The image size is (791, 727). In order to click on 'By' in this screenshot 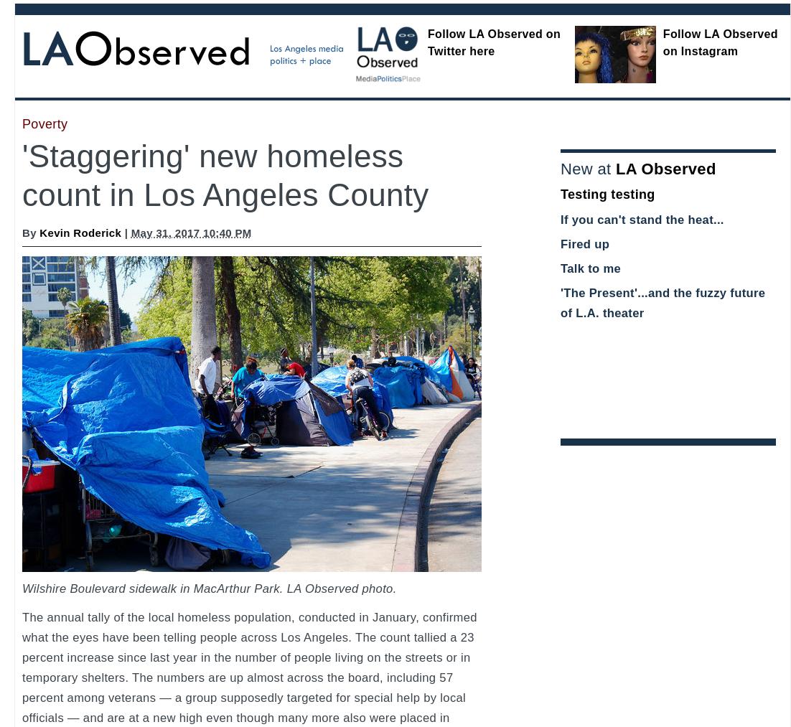, I will do `click(29, 233)`.